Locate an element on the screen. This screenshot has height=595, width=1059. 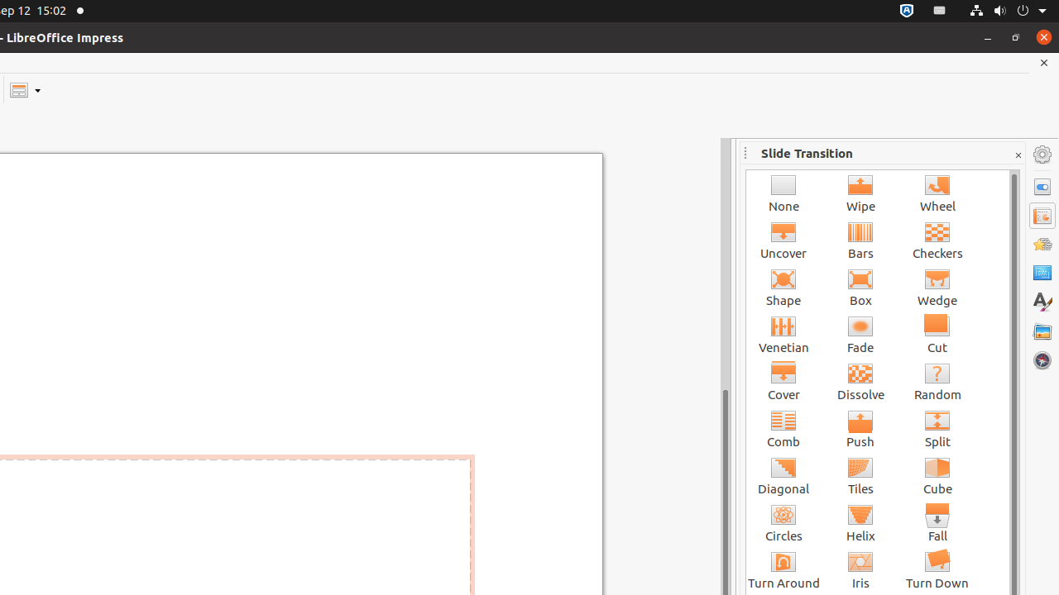
'Slide Transition' is located at coordinates (1042, 215).